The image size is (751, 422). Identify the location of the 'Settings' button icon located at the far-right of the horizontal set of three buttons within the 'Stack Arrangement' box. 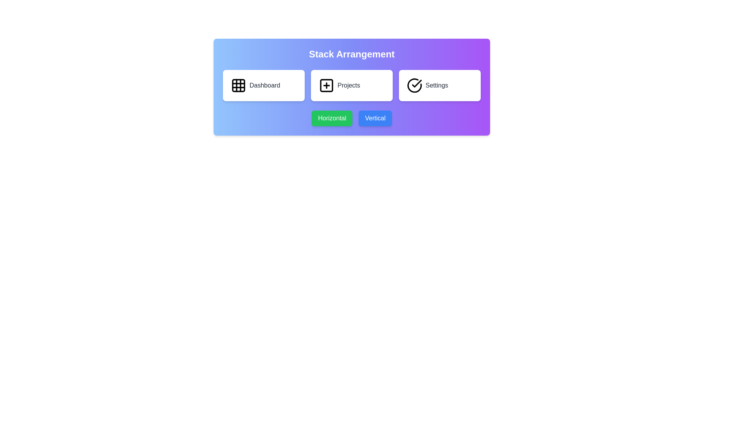
(414, 86).